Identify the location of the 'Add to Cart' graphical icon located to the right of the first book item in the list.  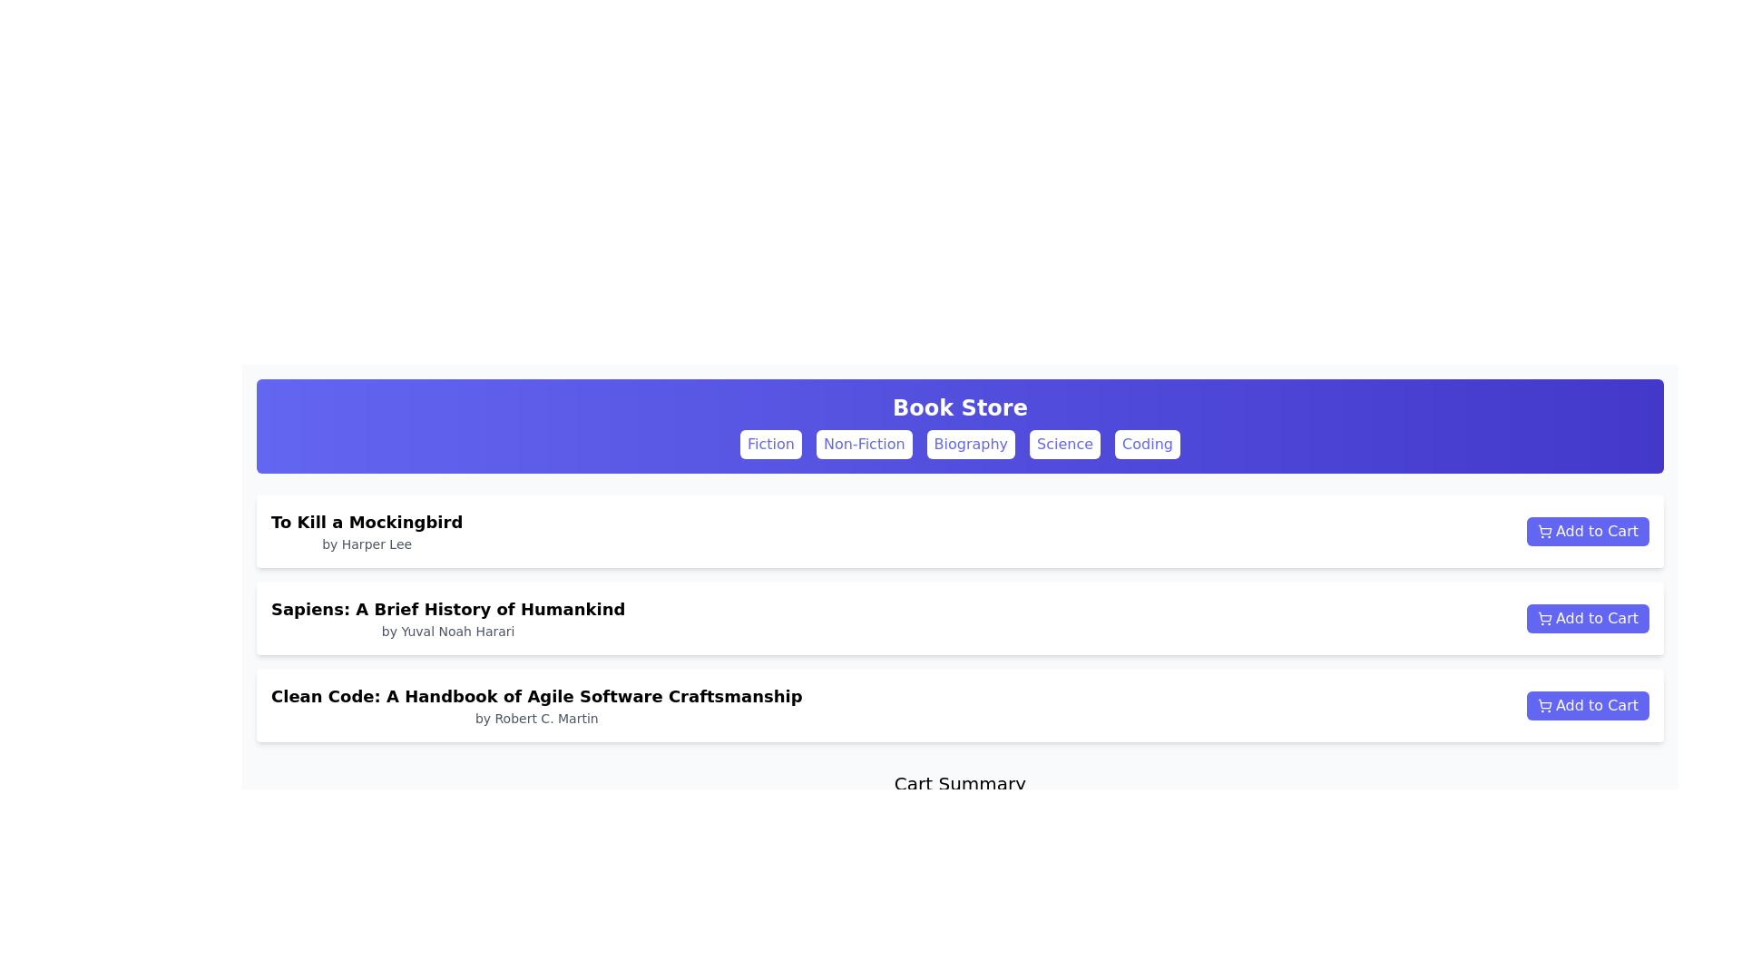
(1543, 529).